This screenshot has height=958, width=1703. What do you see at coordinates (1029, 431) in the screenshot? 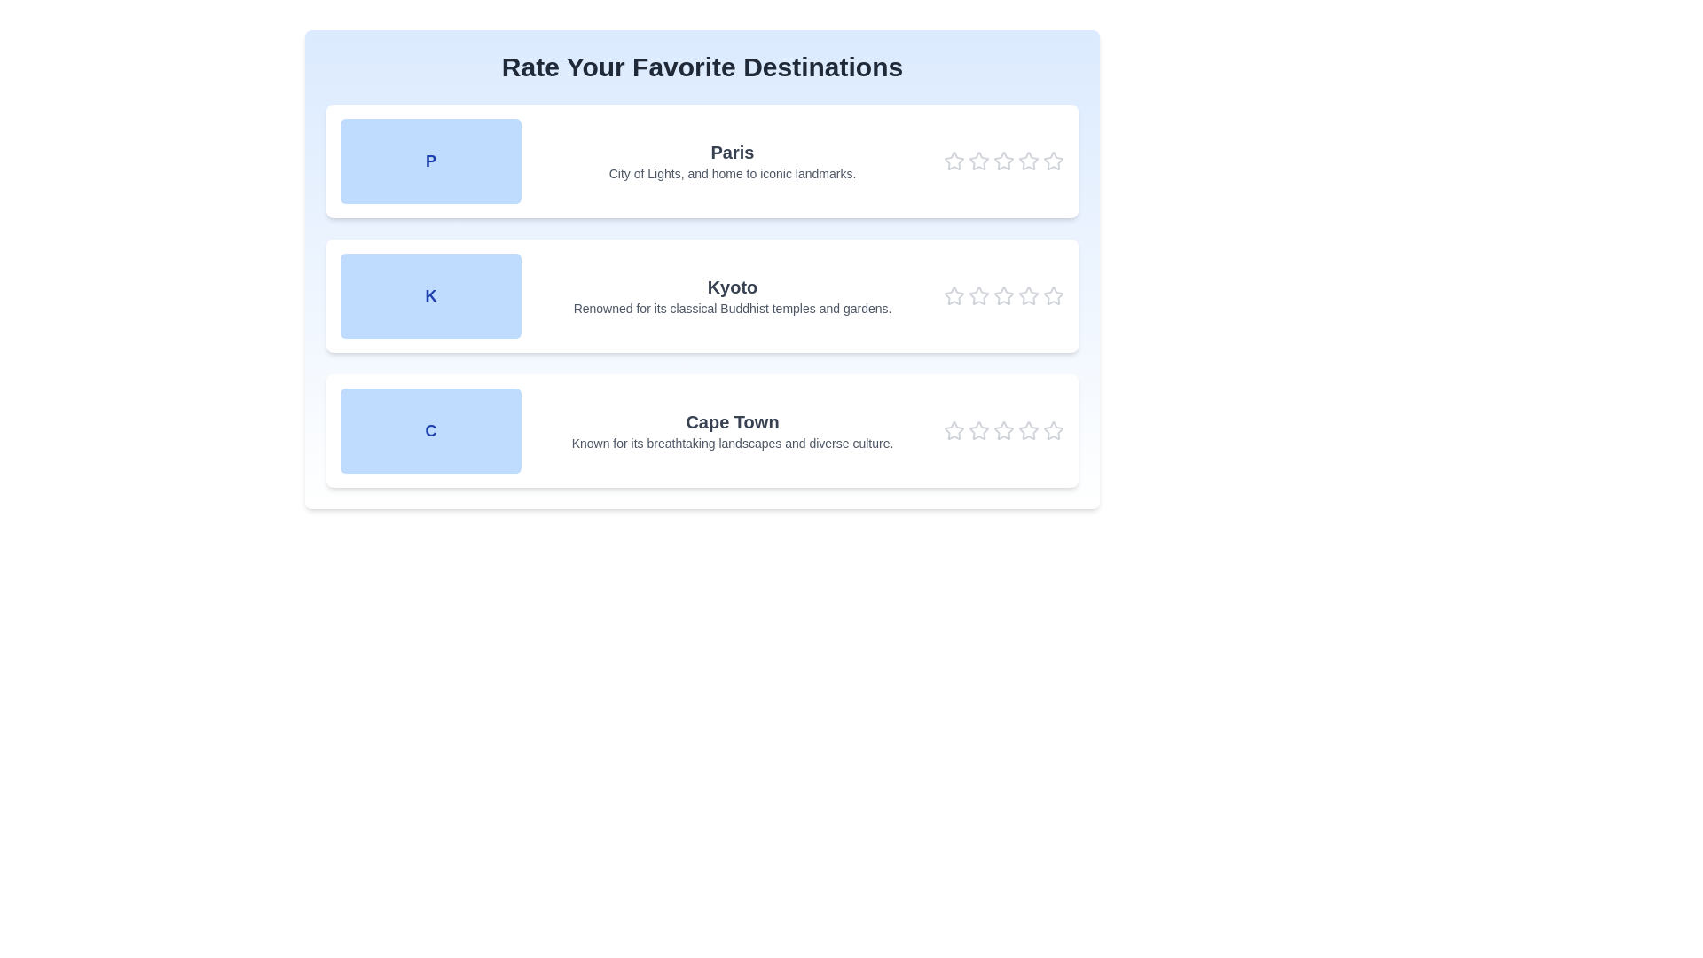
I see `the fifth star rating icon in the rating section for the 'Cape Town' item to indicate an intention to rate` at bounding box center [1029, 431].